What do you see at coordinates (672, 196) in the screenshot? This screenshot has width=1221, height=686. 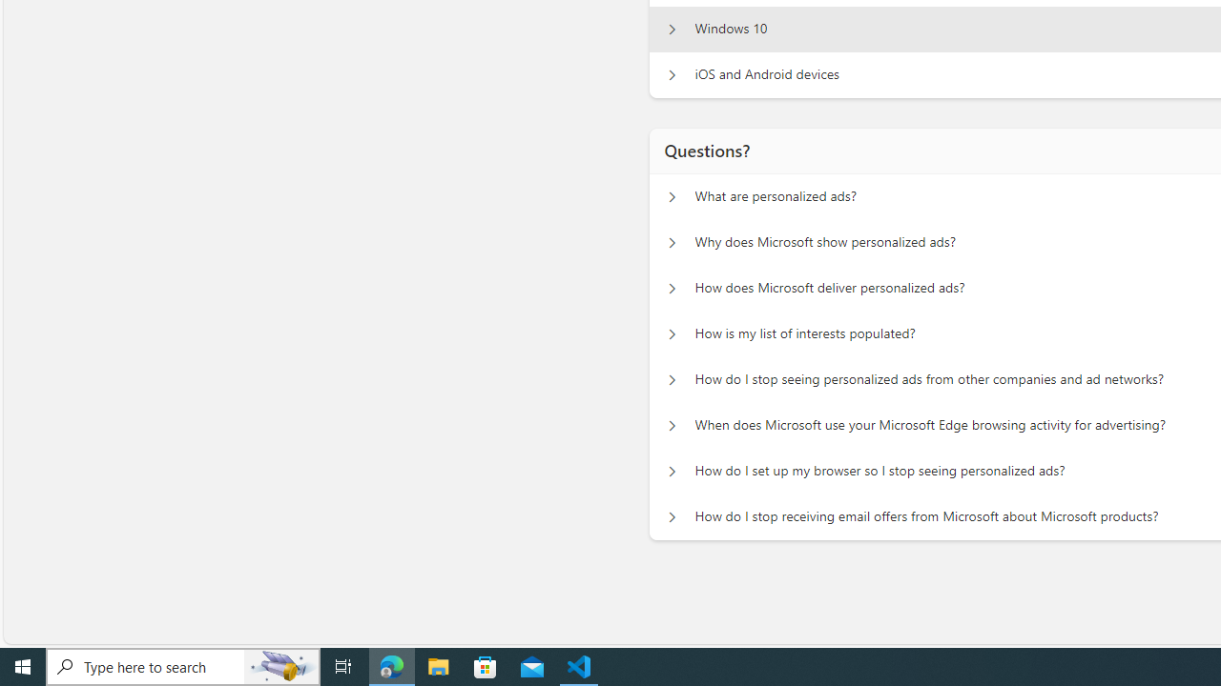 I see `'Questions? What are personalized ads?'` at bounding box center [672, 196].